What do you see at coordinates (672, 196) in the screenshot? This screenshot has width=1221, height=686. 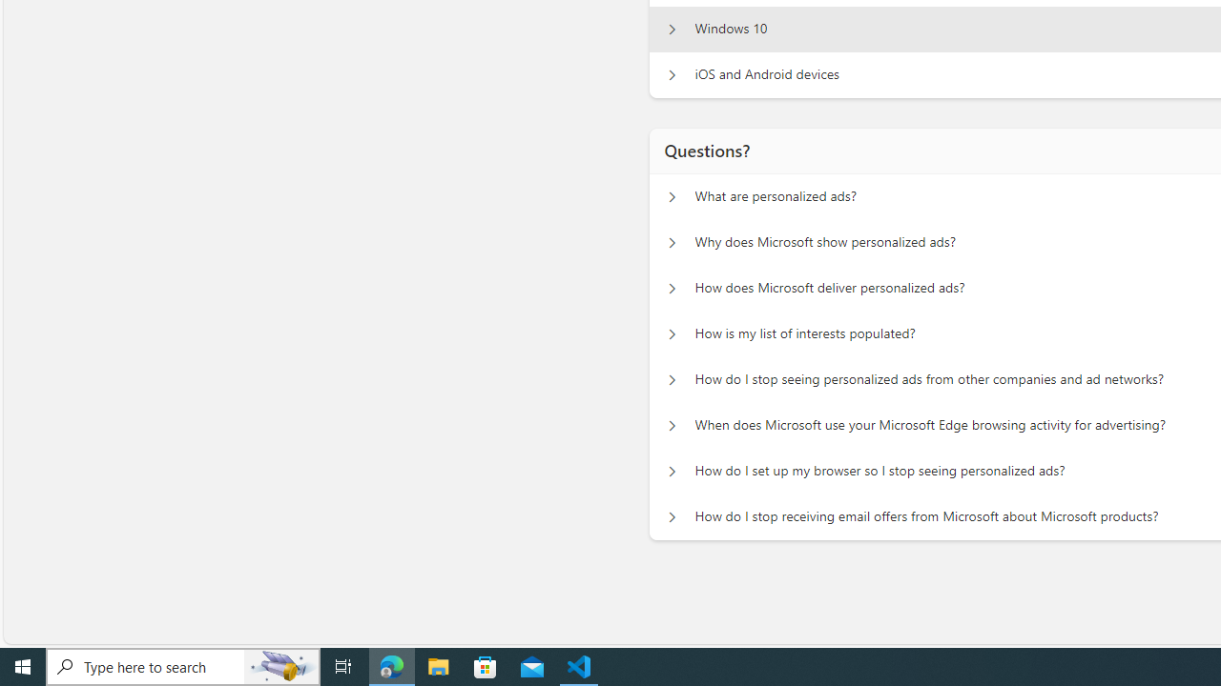 I see `'Questions? What are personalized ads?'` at bounding box center [672, 196].